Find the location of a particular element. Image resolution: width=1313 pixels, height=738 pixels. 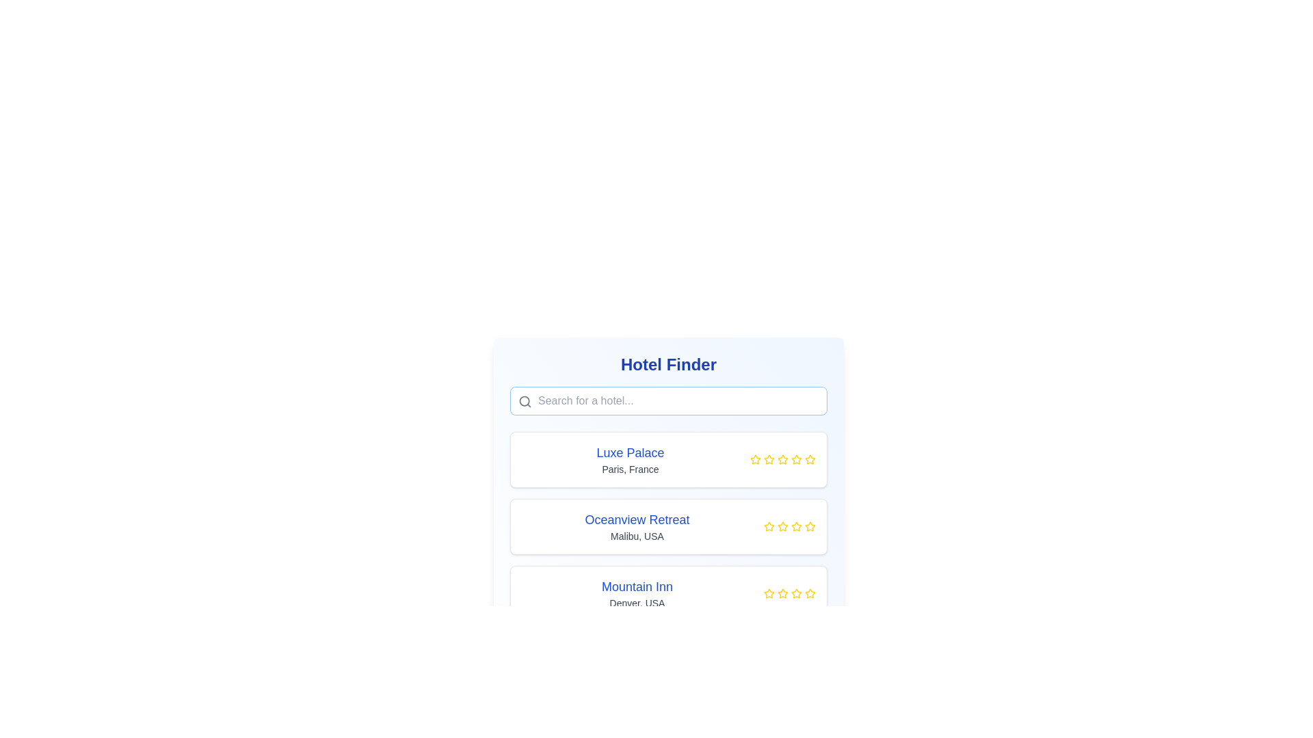

the Star rating indicator, which consists of five vibrant yellow star icons arranged horizontally, positioned below 'Oceanview Retreat' in the hotel card layout is located at coordinates (790, 526).